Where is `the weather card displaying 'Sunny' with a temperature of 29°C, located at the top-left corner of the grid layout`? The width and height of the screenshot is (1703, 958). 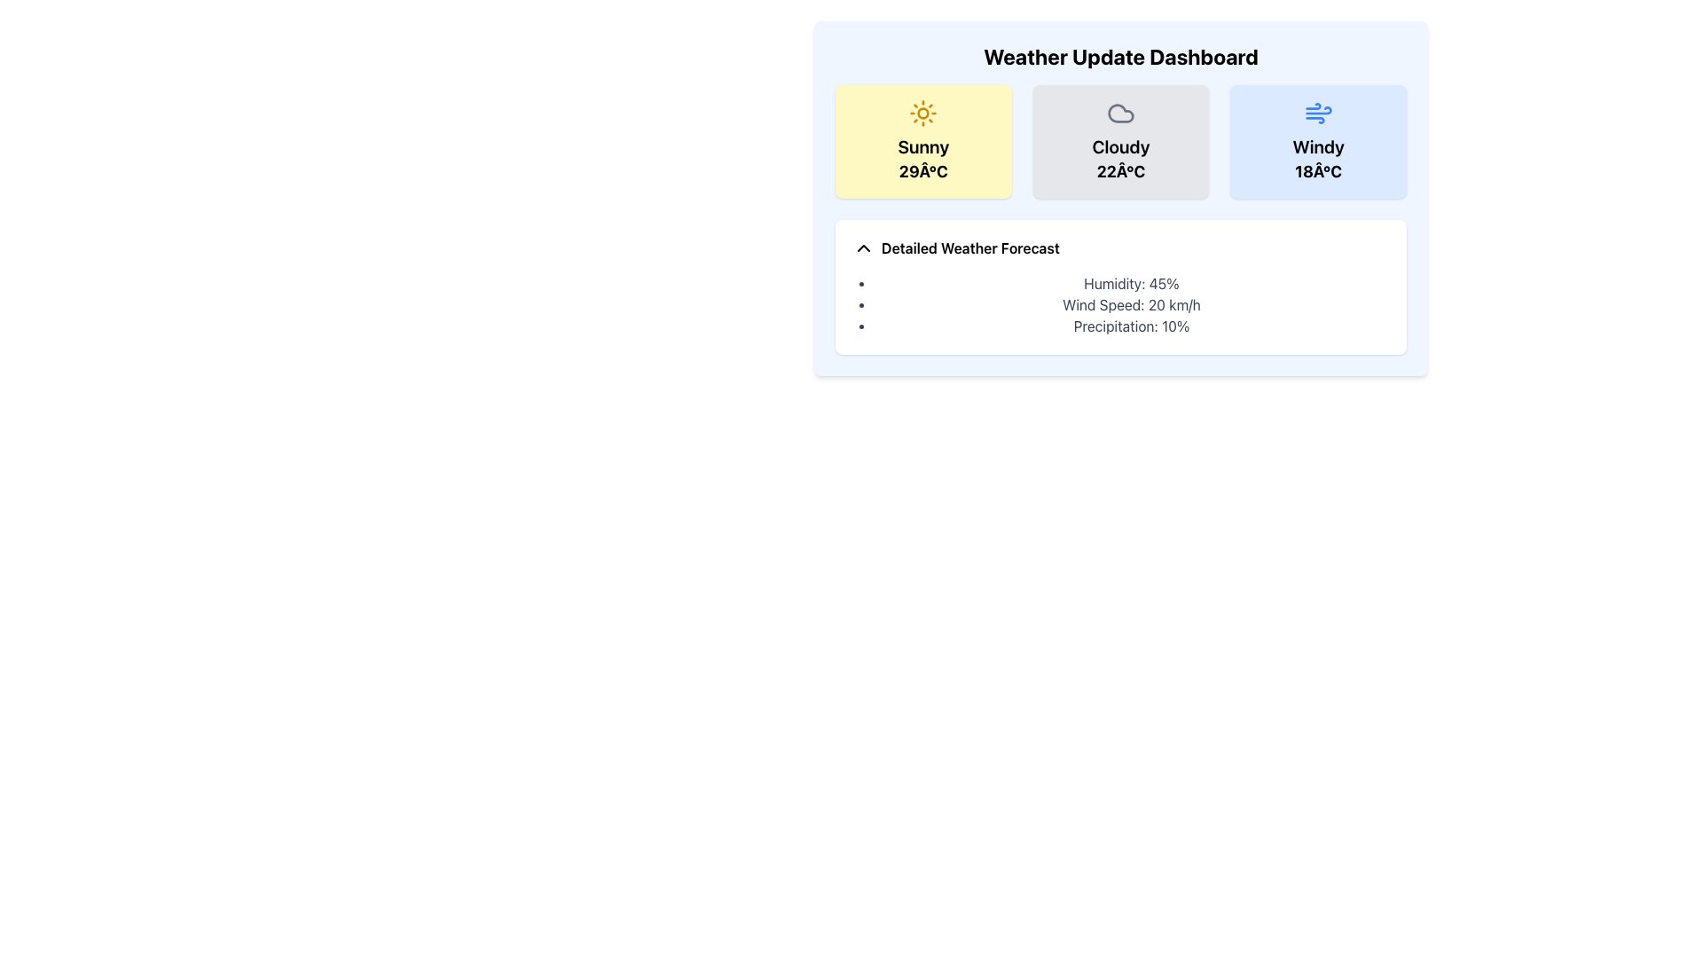
the weather card displaying 'Sunny' with a temperature of 29°C, located at the top-left corner of the grid layout is located at coordinates (922, 140).